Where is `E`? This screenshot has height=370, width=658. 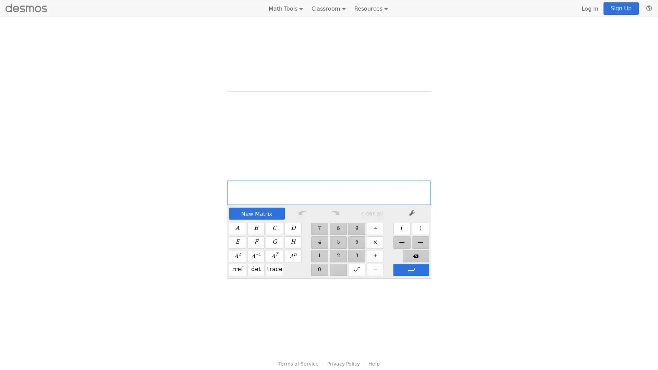 E is located at coordinates (237, 242).